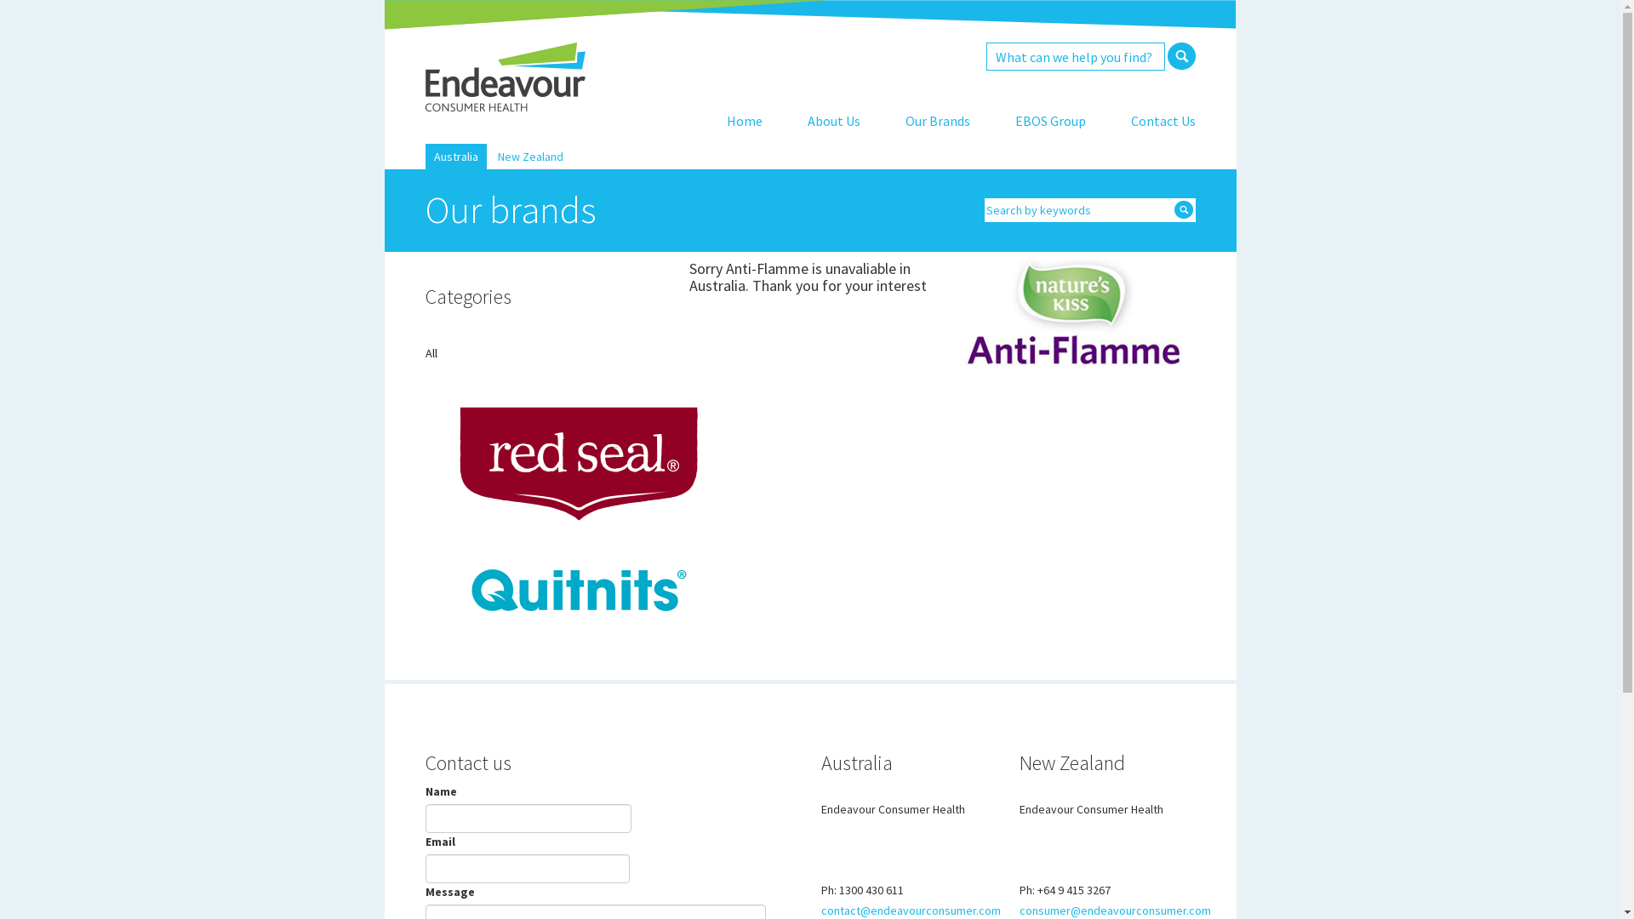 The image size is (1634, 919). I want to click on 'About Us', so click(833, 120).